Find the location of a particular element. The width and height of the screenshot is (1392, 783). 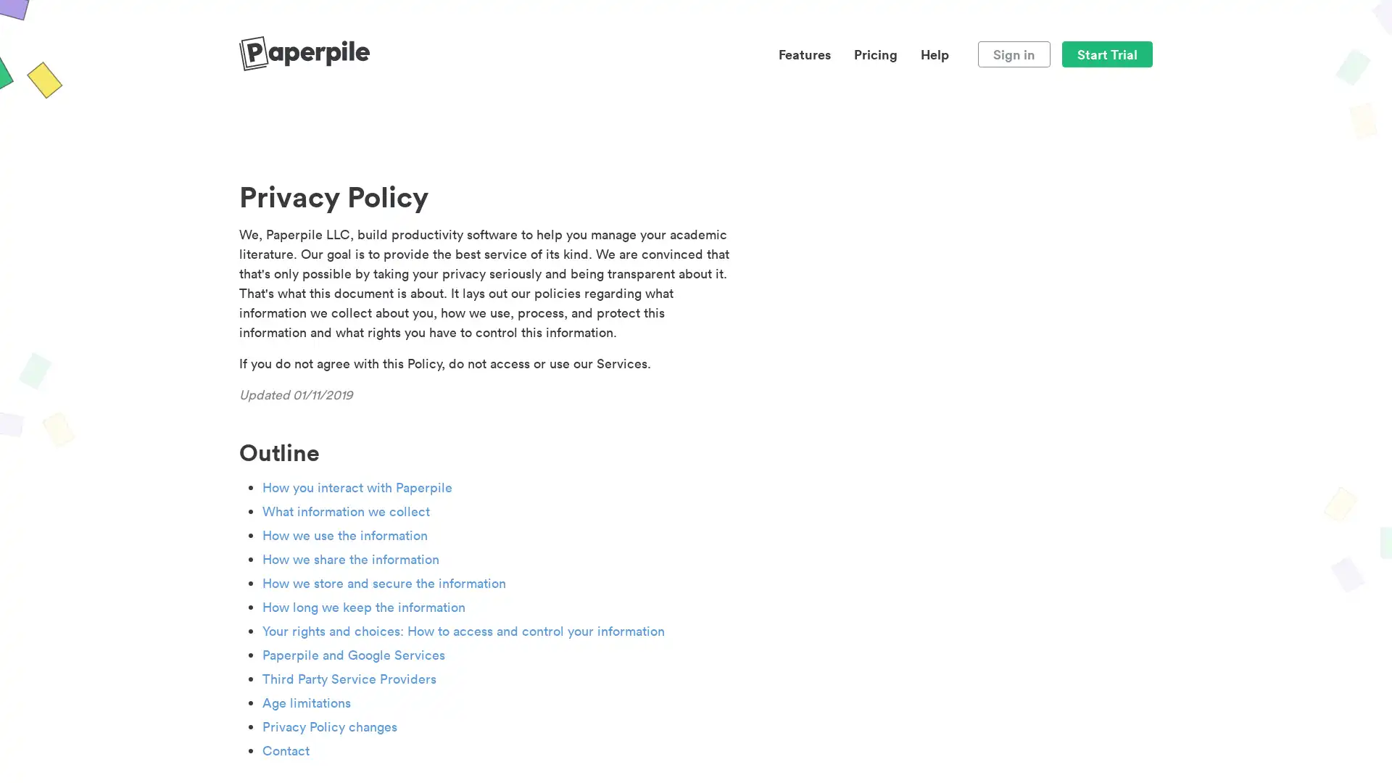

Start Trial is located at coordinates (1106, 53).